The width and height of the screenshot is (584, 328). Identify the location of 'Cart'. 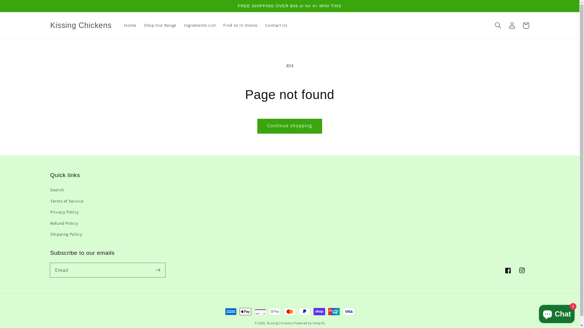
(525, 25).